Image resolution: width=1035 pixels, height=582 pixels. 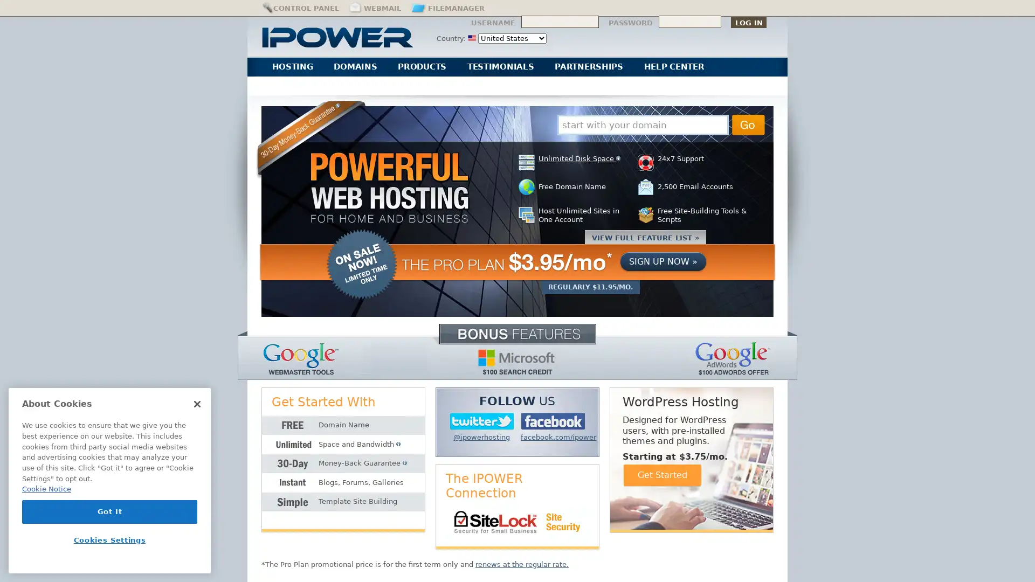 What do you see at coordinates (109, 511) in the screenshot?
I see `Got It` at bounding box center [109, 511].